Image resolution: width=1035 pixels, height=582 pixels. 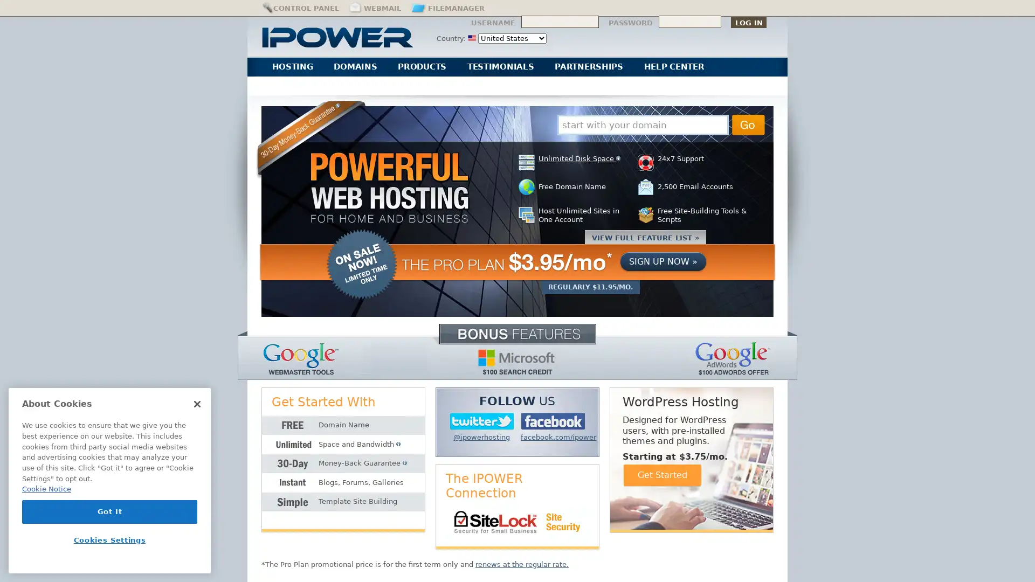 What do you see at coordinates (109, 511) in the screenshot?
I see `Got It` at bounding box center [109, 511].